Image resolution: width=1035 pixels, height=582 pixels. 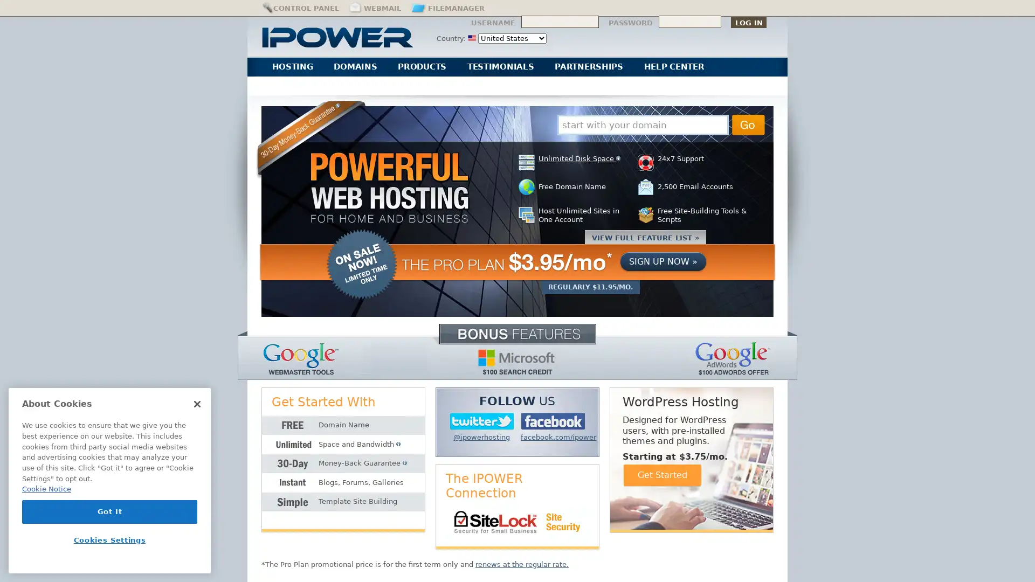 What do you see at coordinates (109, 511) in the screenshot?
I see `Got It` at bounding box center [109, 511].